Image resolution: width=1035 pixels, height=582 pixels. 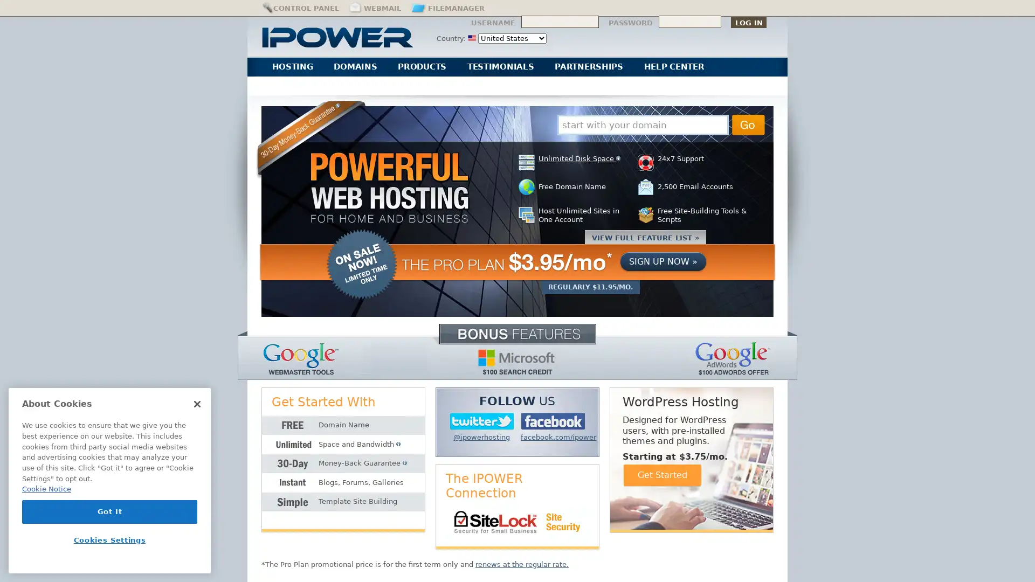 What do you see at coordinates (109, 511) in the screenshot?
I see `Got It` at bounding box center [109, 511].